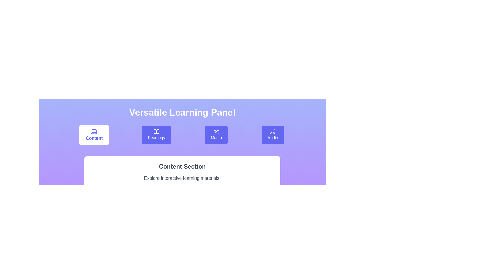  I want to click on the header text by clicking on it, so click(182, 112).